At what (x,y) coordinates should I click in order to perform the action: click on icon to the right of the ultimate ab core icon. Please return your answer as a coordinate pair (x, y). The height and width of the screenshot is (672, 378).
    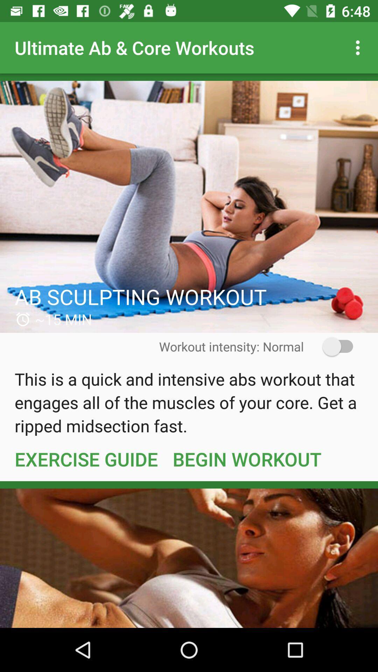
    Looking at the image, I should click on (359, 47).